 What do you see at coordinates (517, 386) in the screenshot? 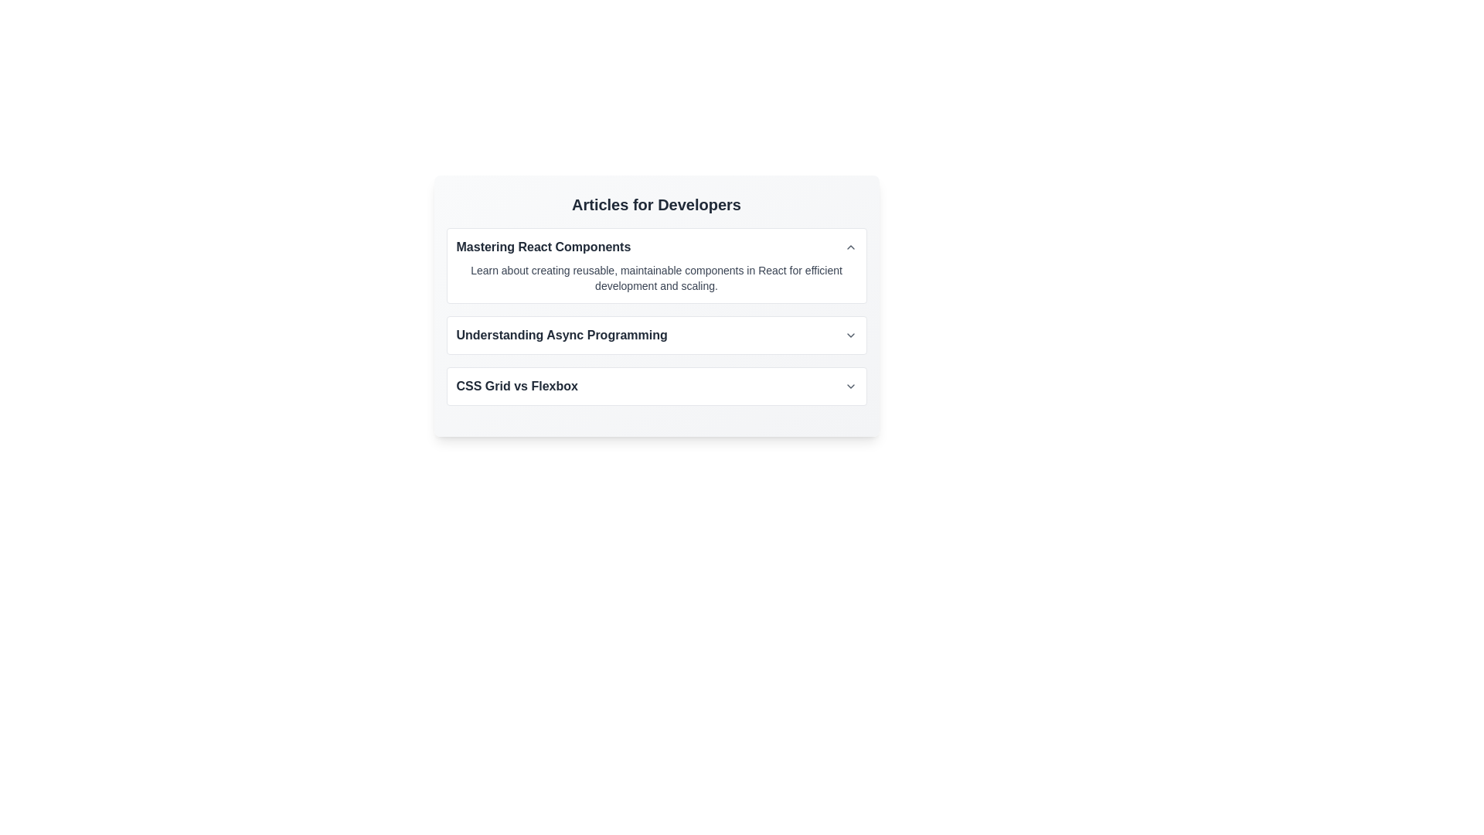
I see `the text label displaying 'CSS Grid vs Flexbox' in the Articles for Developers section` at bounding box center [517, 386].